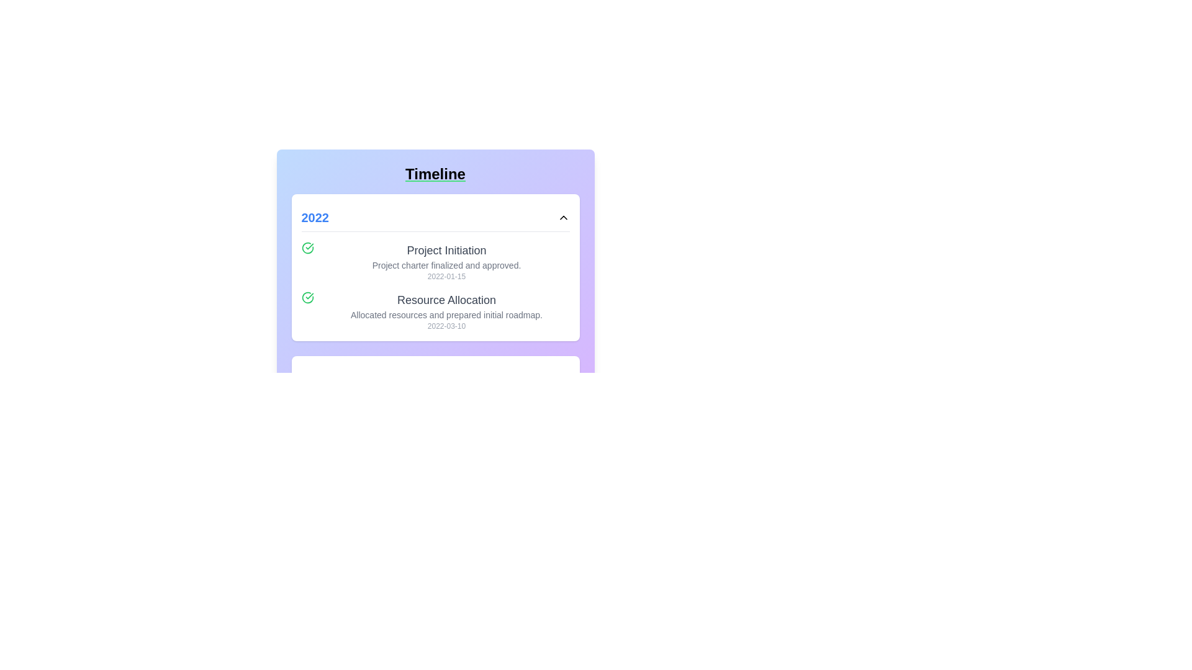 The image size is (1192, 670). I want to click on the circular green icon with a checkmark in its center, which indicates completion or success, located to the left of the text 'Project Initiation' in the timeline for 2022, so click(307, 248).